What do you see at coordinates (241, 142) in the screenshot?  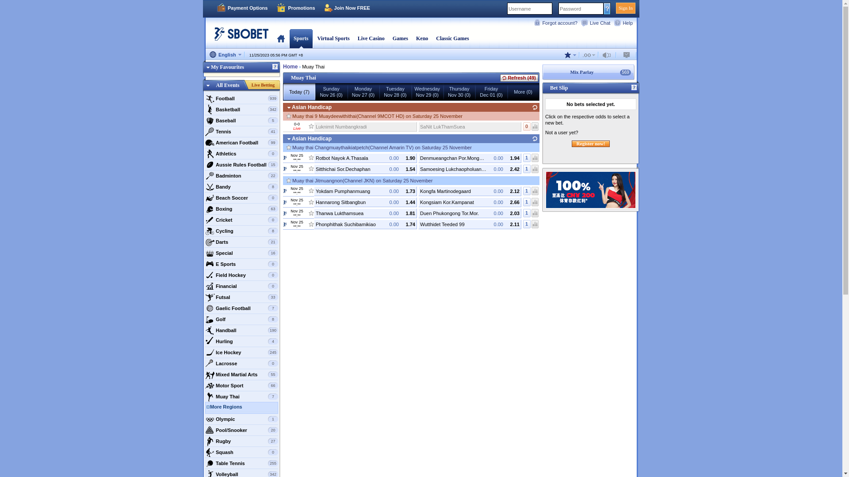 I see `'American Football` at bounding box center [241, 142].